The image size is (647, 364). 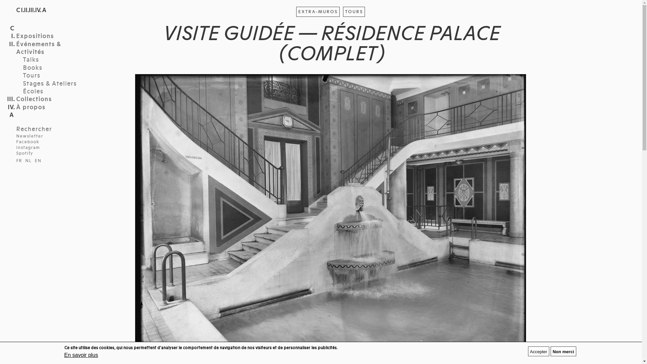 What do you see at coordinates (24, 153) in the screenshot?
I see `'Spotify'` at bounding box center [24, 153].